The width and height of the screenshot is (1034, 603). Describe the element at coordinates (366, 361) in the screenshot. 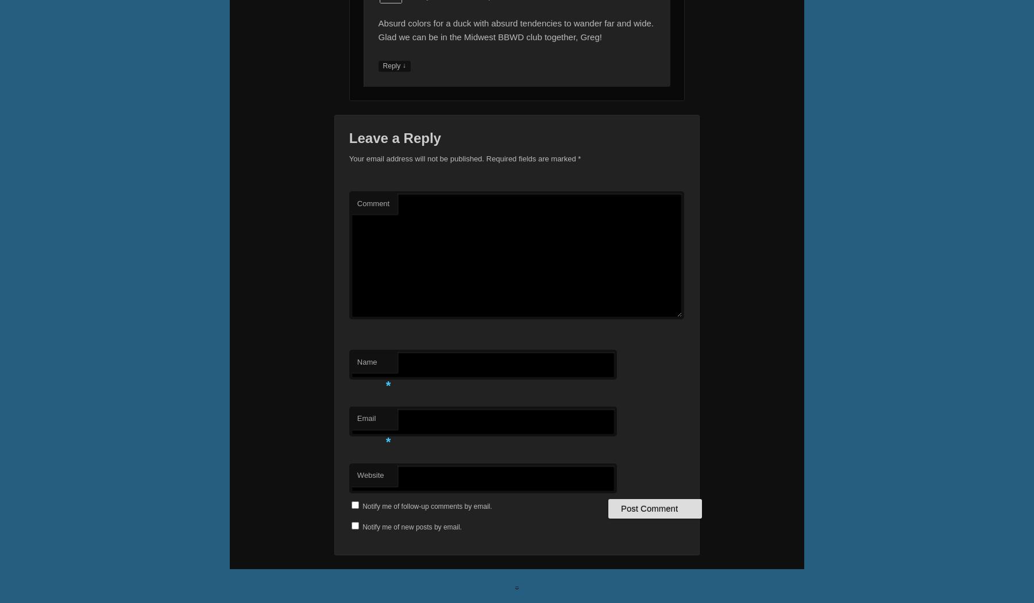

I see `'Name'` at that location.